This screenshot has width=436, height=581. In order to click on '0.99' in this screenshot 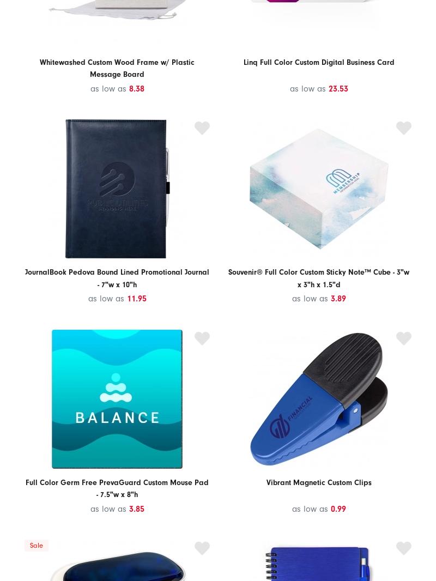, I will do `click(338, 508)`.